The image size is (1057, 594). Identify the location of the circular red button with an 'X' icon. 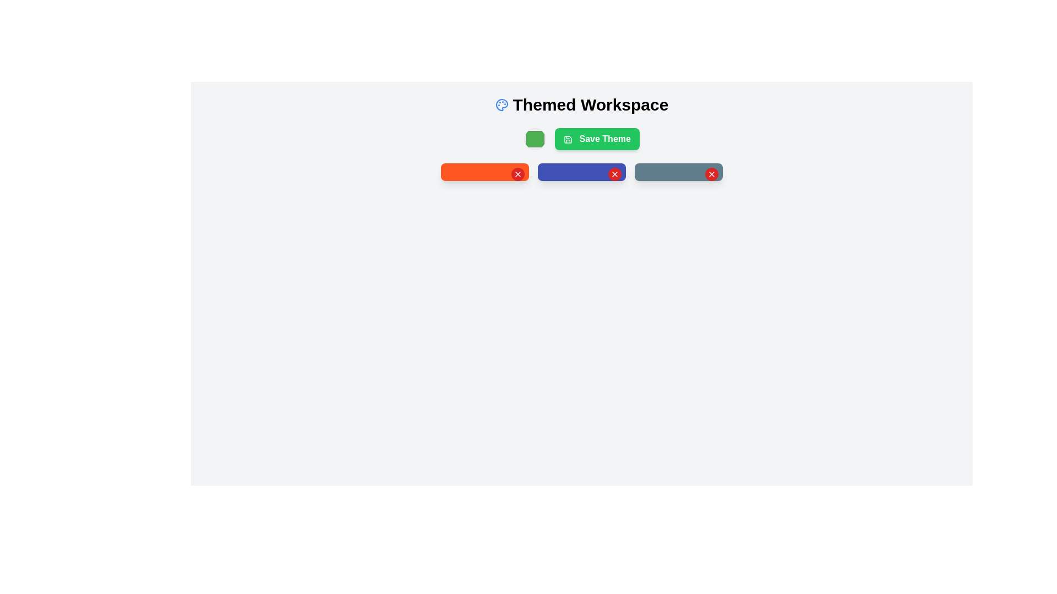
(517, 173).